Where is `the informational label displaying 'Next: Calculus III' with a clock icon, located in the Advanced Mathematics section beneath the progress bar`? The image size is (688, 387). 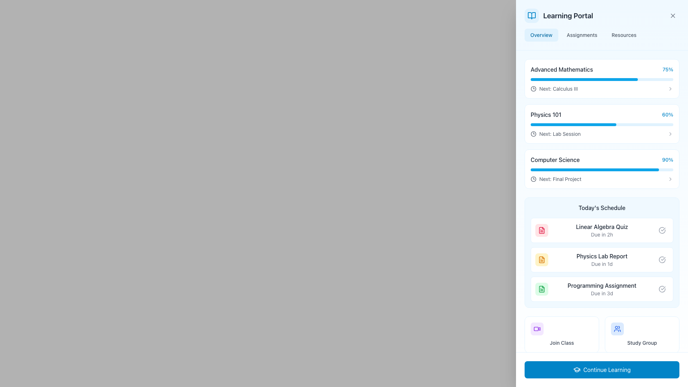 the informational label displaying 'Next: Calculus III' with a clock icon, located in the Advanced Mathematics section beneath the progress bar is located at coordinates (554, 88).